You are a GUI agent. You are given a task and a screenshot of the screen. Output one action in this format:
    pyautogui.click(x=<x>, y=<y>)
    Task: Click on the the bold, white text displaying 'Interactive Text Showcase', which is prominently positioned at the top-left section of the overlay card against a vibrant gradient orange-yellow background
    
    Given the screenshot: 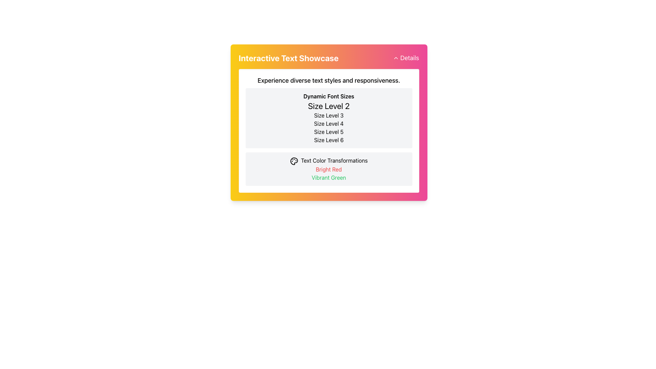 What is the action you would take?
    pyautogui.click(x=288, y=57)
    